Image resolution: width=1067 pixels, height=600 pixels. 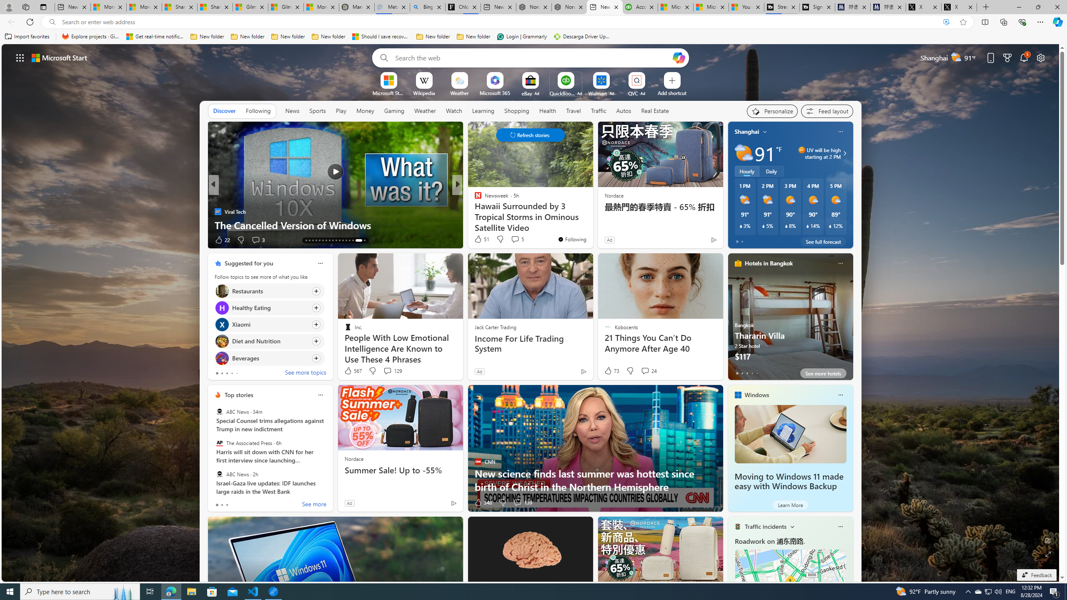 What do you see at coordinates (827, 111) in the screenshot?
I see `'Feed settings'` at bounding box center [827, 111].